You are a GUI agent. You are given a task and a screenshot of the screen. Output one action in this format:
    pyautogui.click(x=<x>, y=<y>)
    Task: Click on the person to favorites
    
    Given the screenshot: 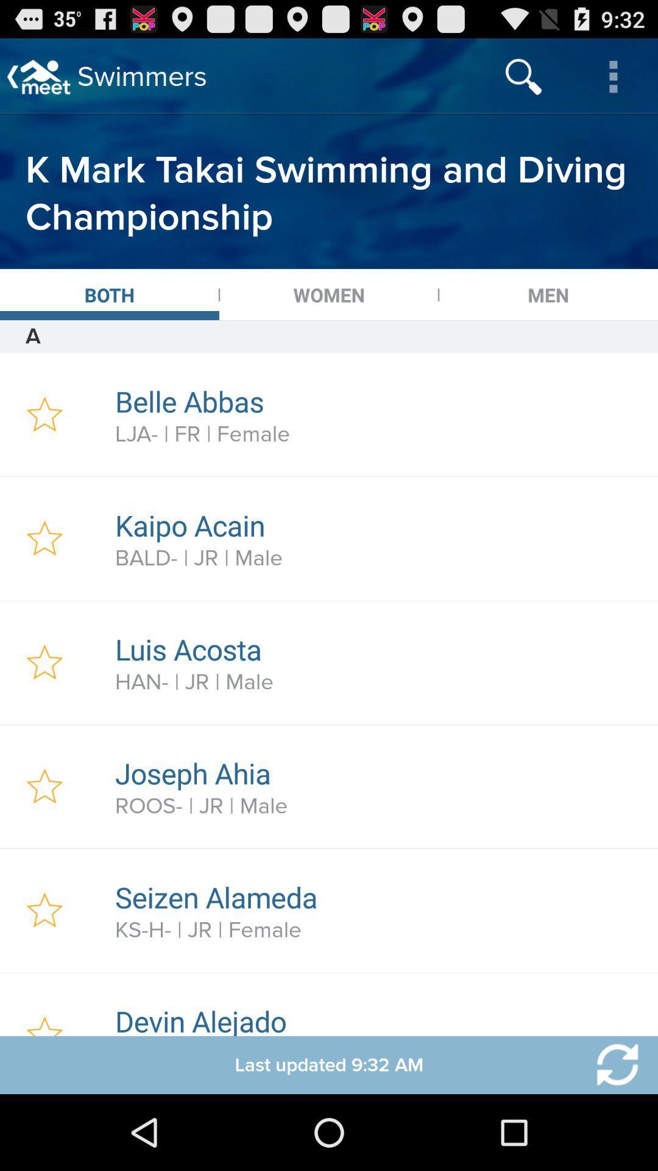 What is the action you would take?
    pyautogui.click(x=44, y=1004)
    